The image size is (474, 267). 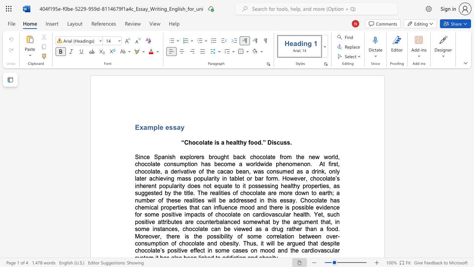 What do you see at coordinates (274, 207) in the screenshot?
I see `the subset text "ere i" within the text "emical properties that can influence mood and there is"` at bounding box center [274, 207].